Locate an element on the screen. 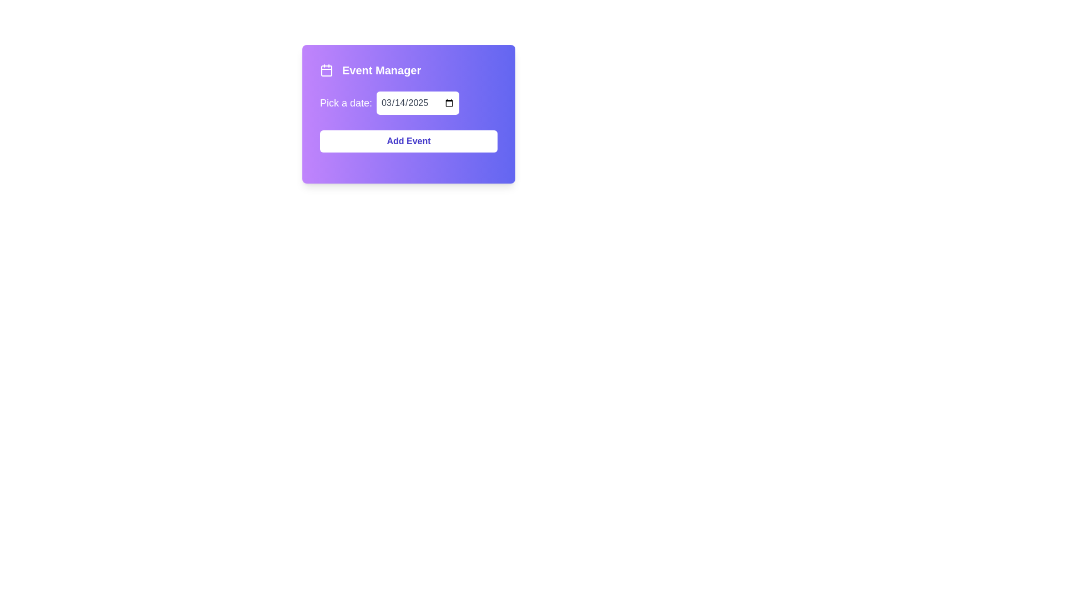 The width and height of the screenshot is (1065, 599). the calendar icon located to the left of the 'Event Manager' text, which features a purple-themed design and a square outline with rounded corners is located at coordinates (326, 70).